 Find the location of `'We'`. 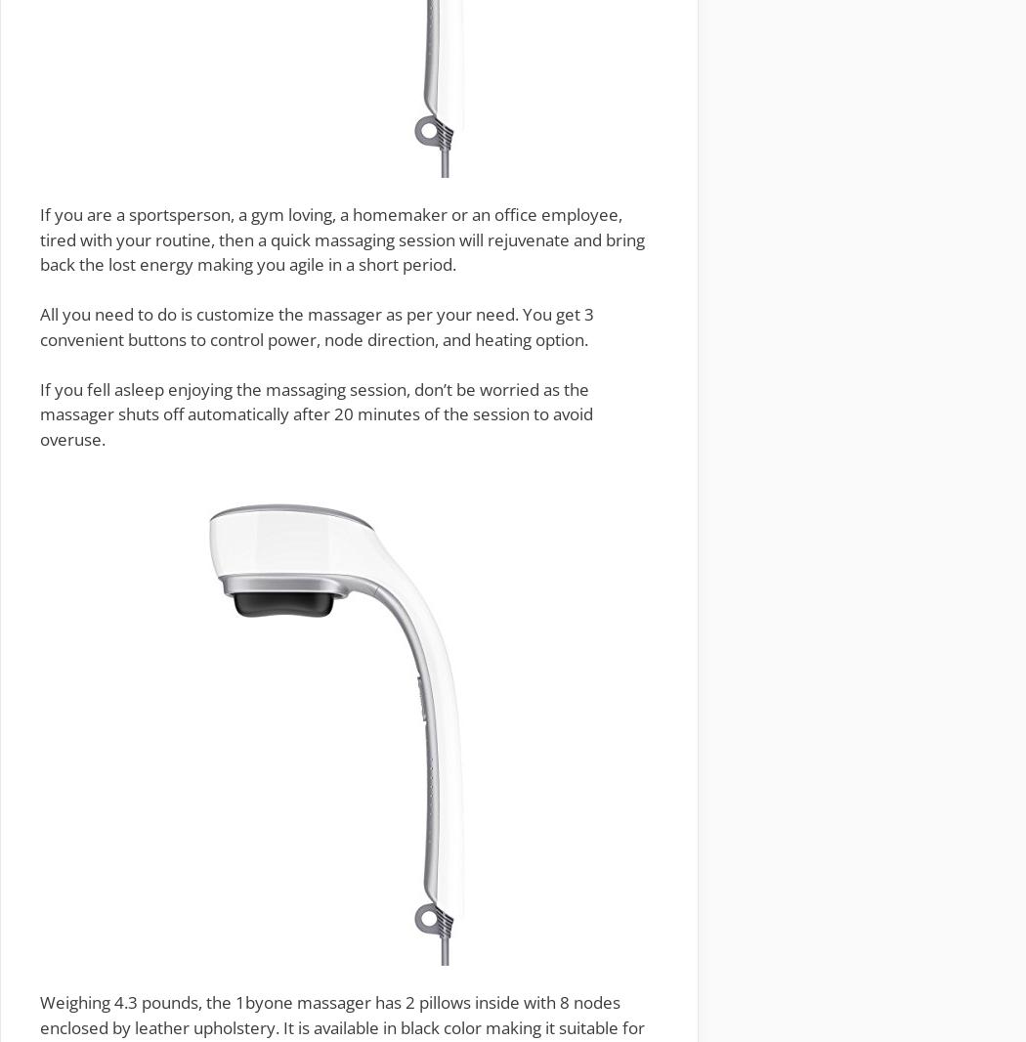

'We' is located at coordinates (51, 1002).